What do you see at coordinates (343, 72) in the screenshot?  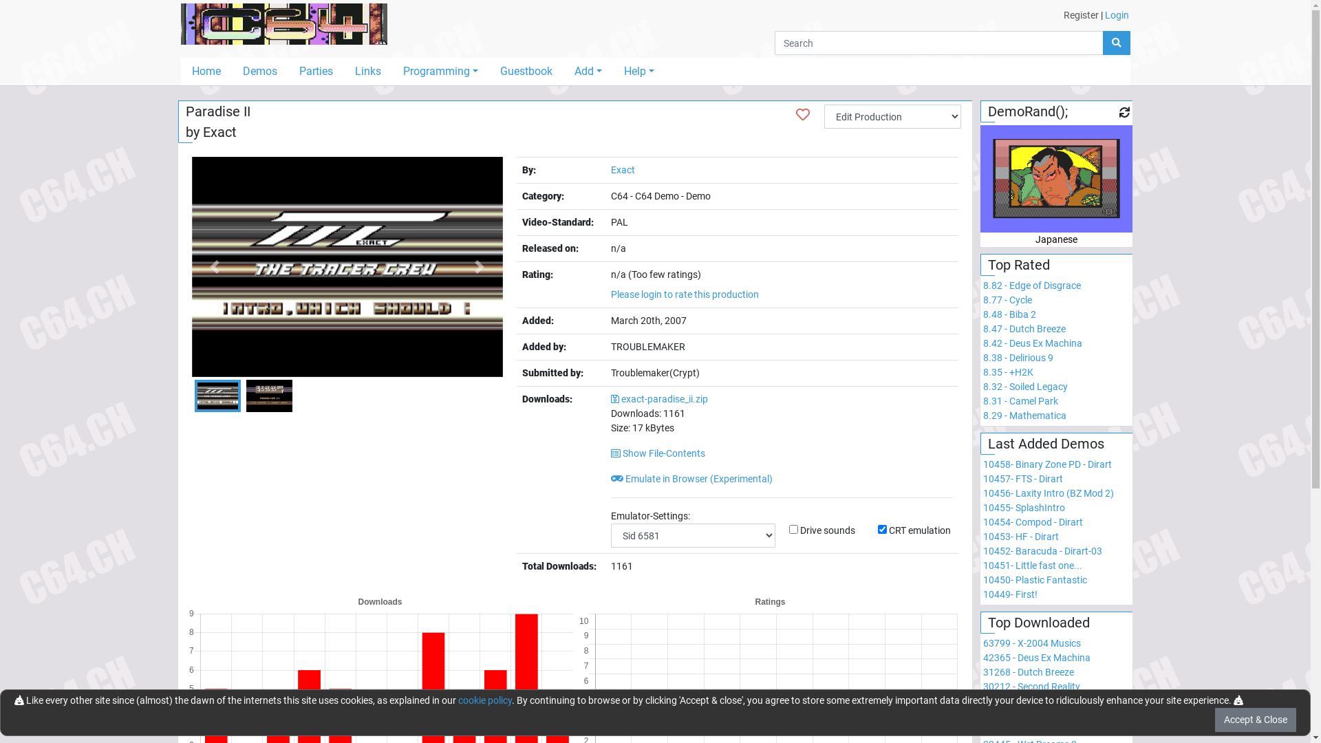 I see `'Links'` at bounding box center [343, 72].